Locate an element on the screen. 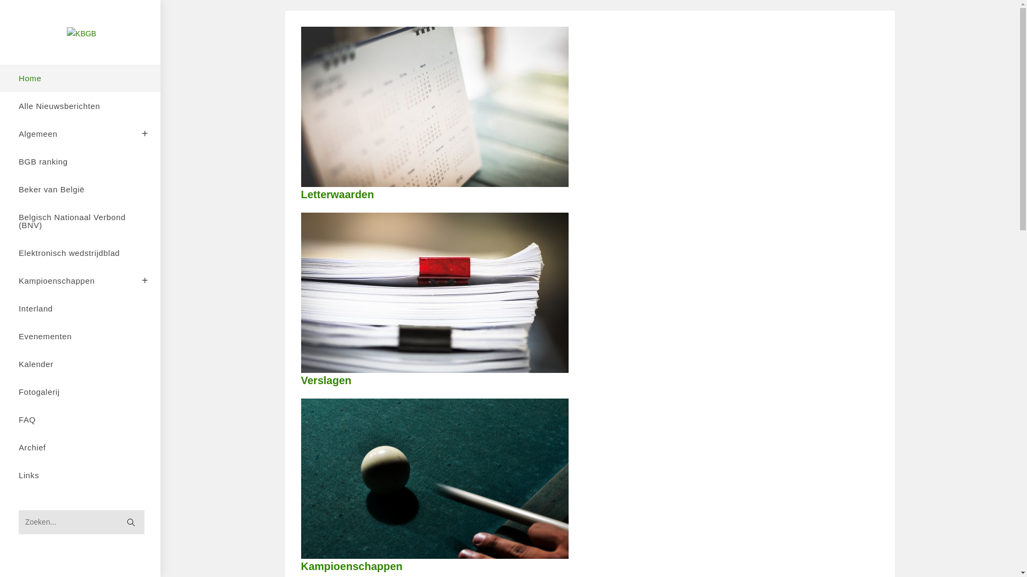  'FAQ' is located at coordinates (79, 419).